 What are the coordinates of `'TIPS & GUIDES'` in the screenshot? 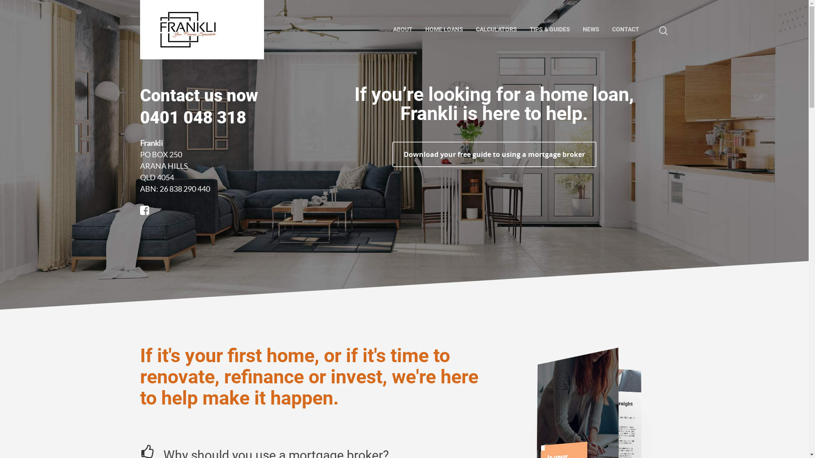 It's located at (550, 29).